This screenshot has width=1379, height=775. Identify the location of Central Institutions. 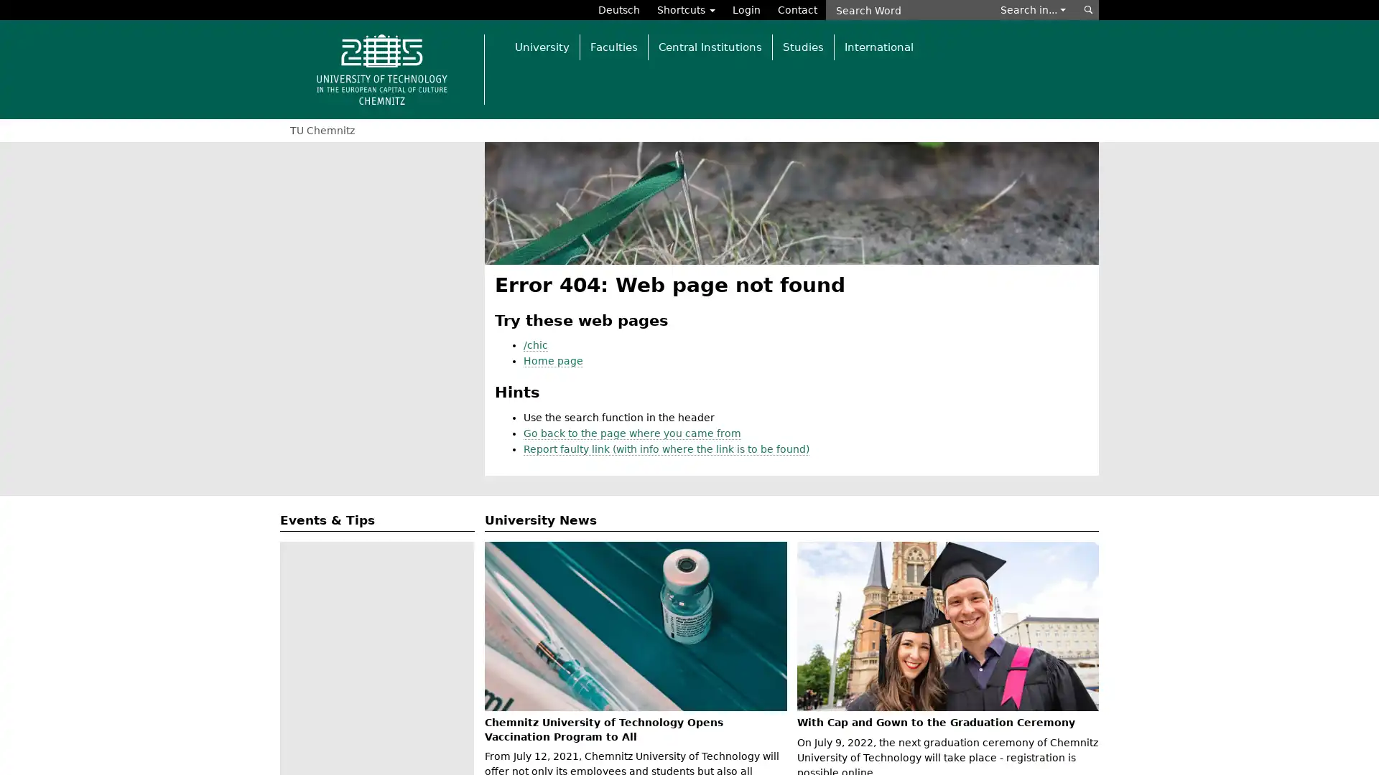
(710, 46).